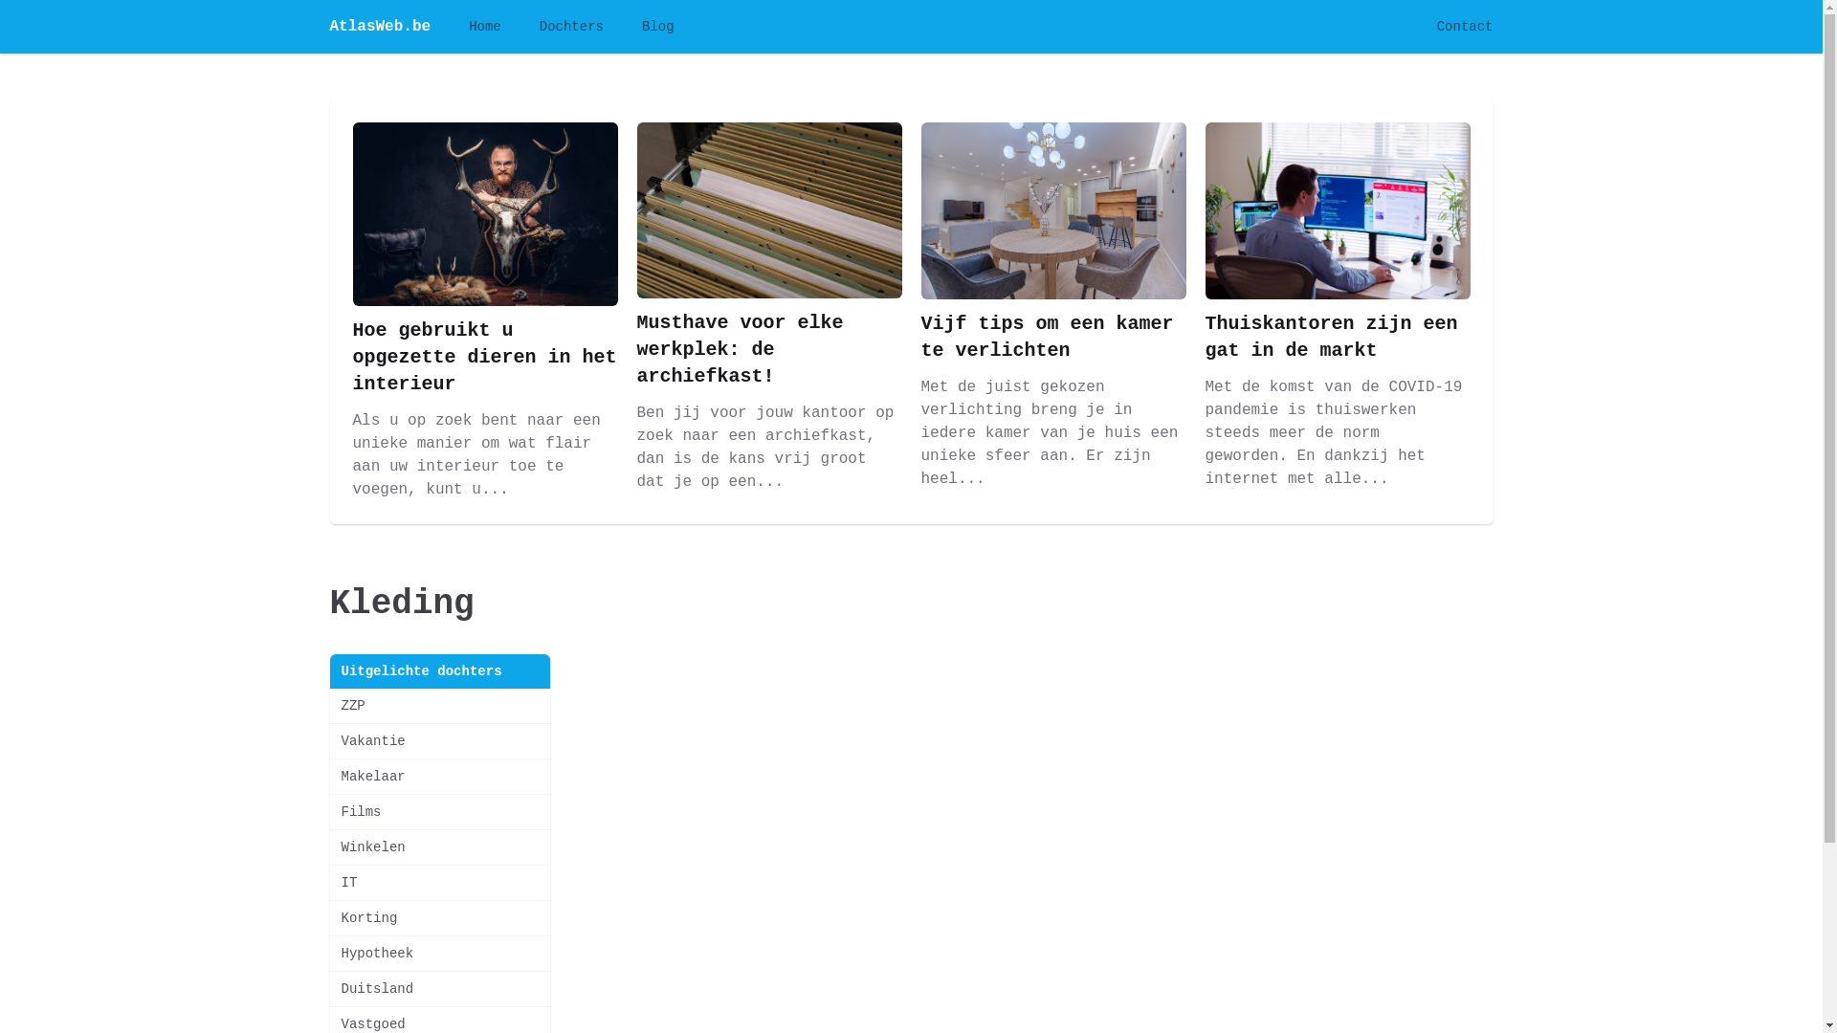  I want to click on 'ZZP', so click(329, 705).